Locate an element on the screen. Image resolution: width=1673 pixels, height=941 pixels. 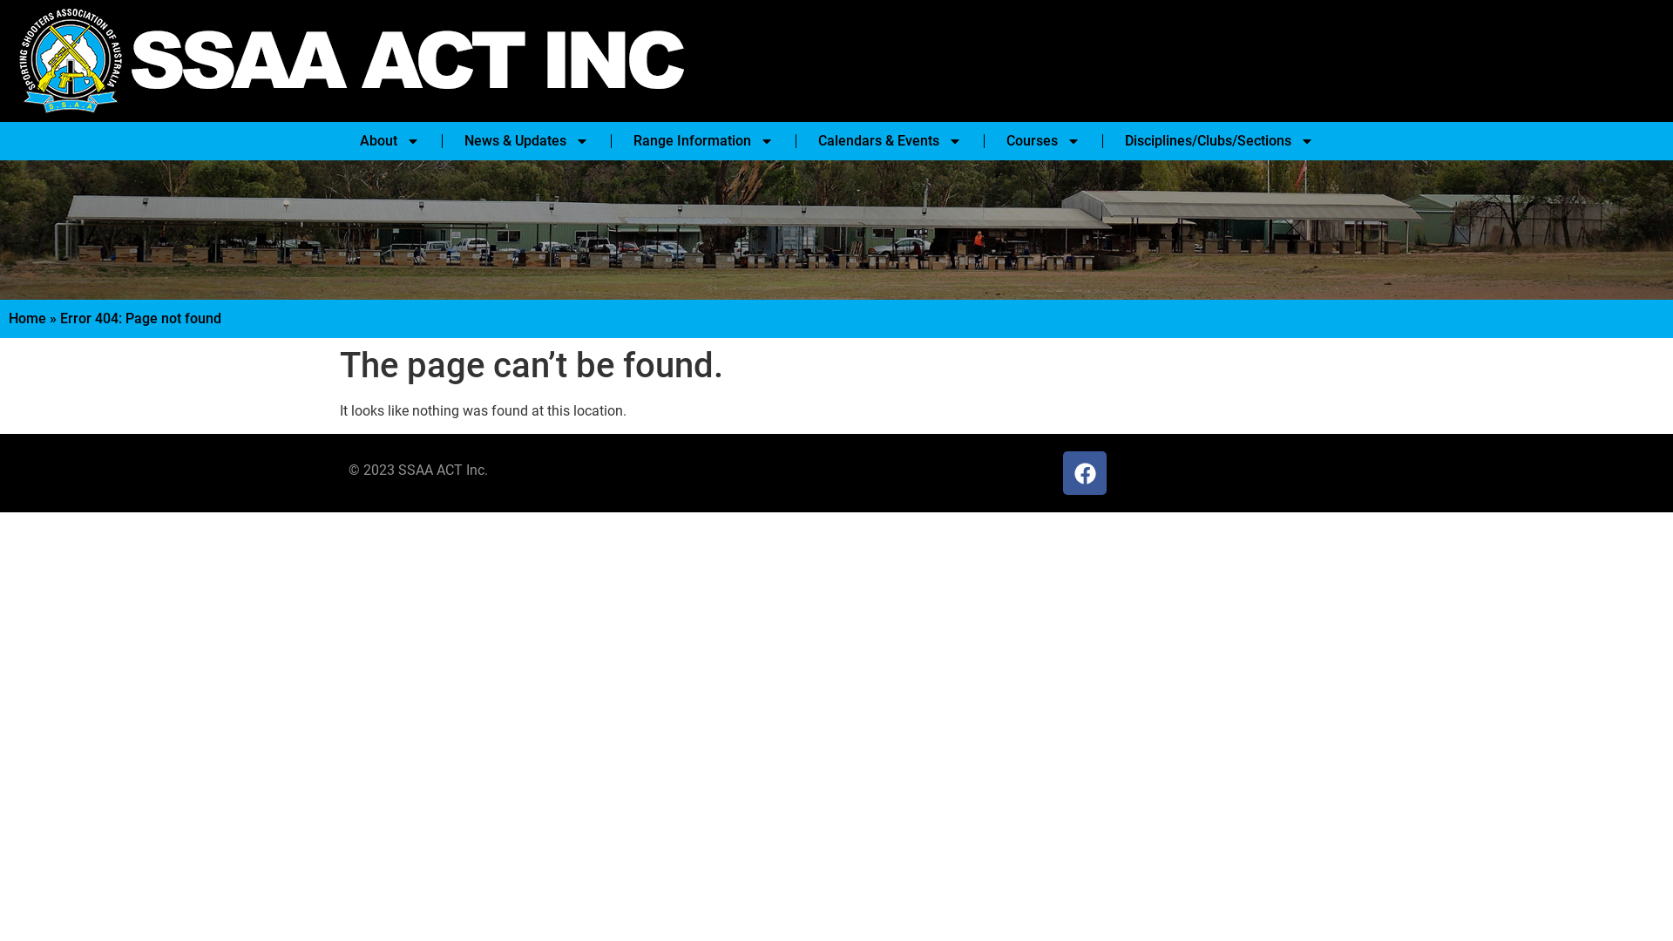
'Calendars & Events' is located at coordinates (889, 140).